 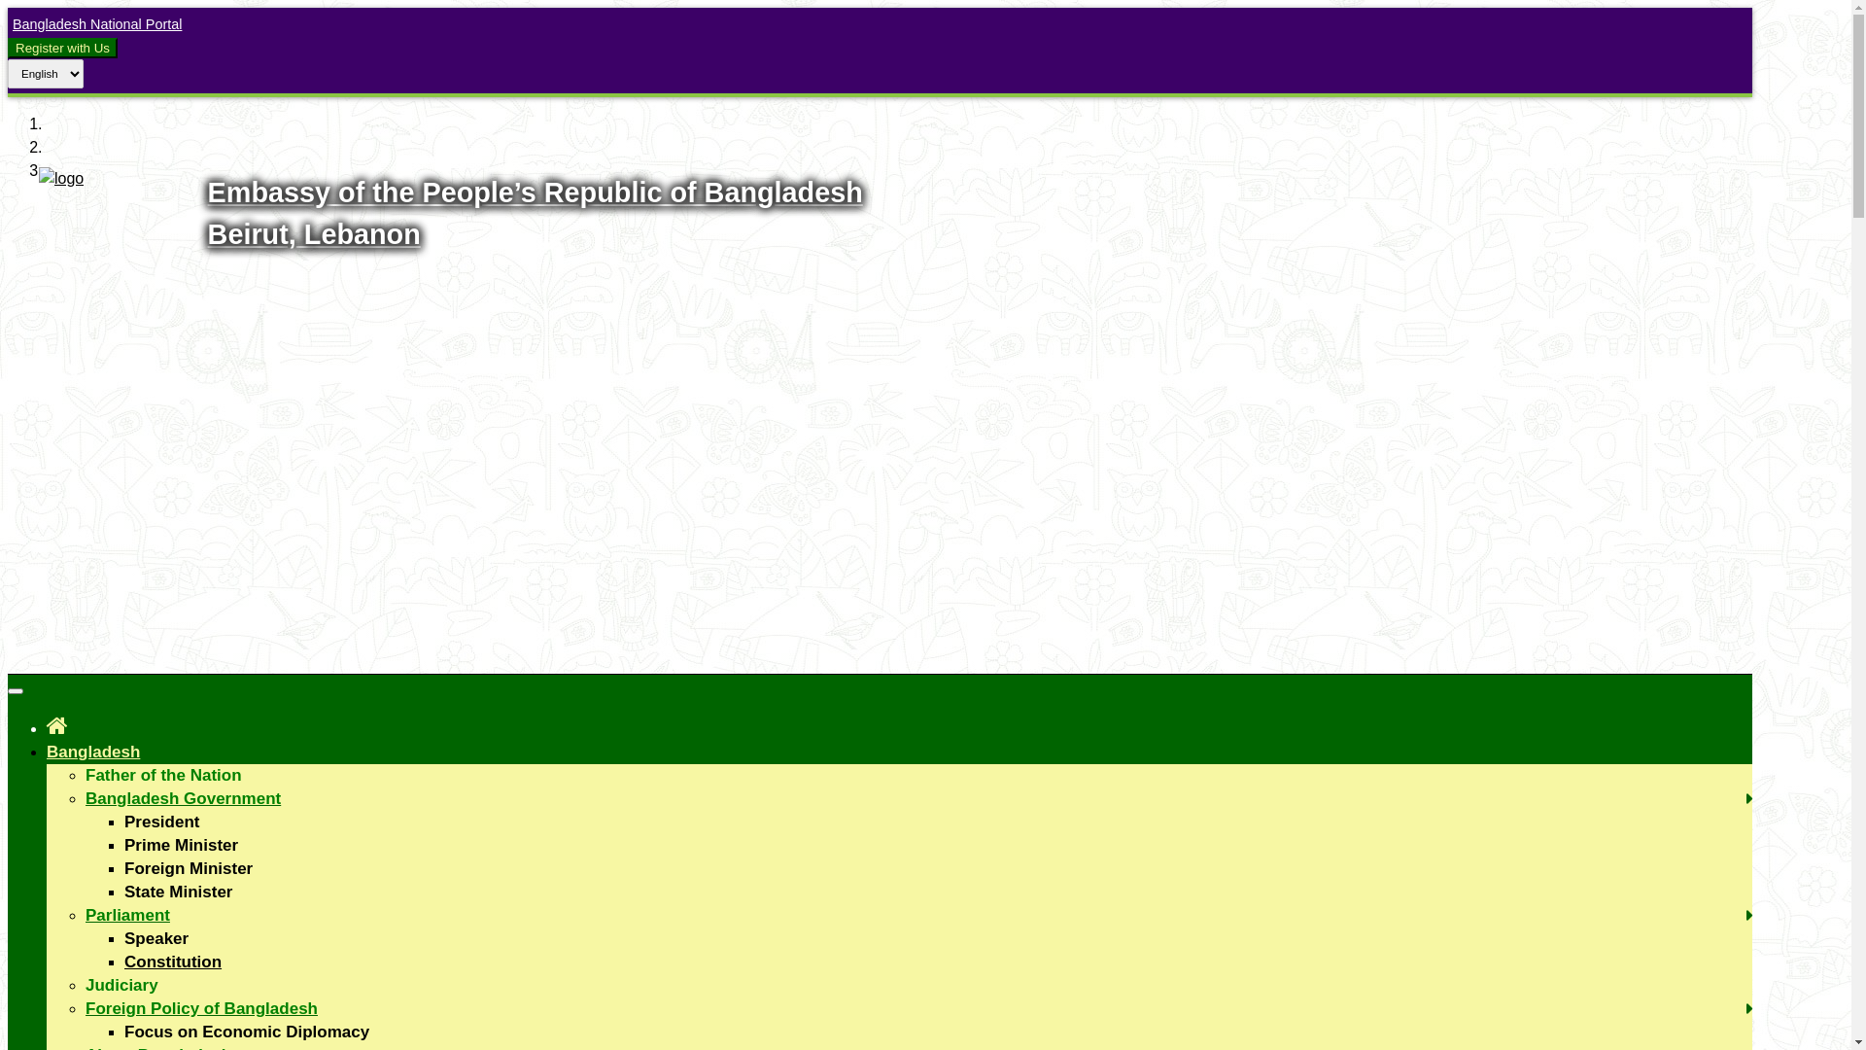 What do you see at coordinates (47, 751) in the screenshot?
I see `'Bangladesh'` at bounding box center [47, 751].